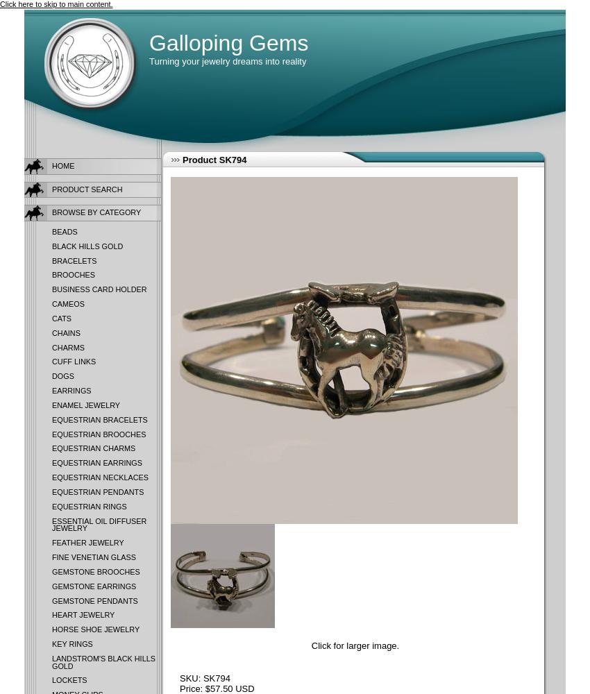 Image resolution: width=590 pixels, height=694 pixels. Describe the element at coordinates (63, 230) in the screenshot. I see `'Beads'` at that location.